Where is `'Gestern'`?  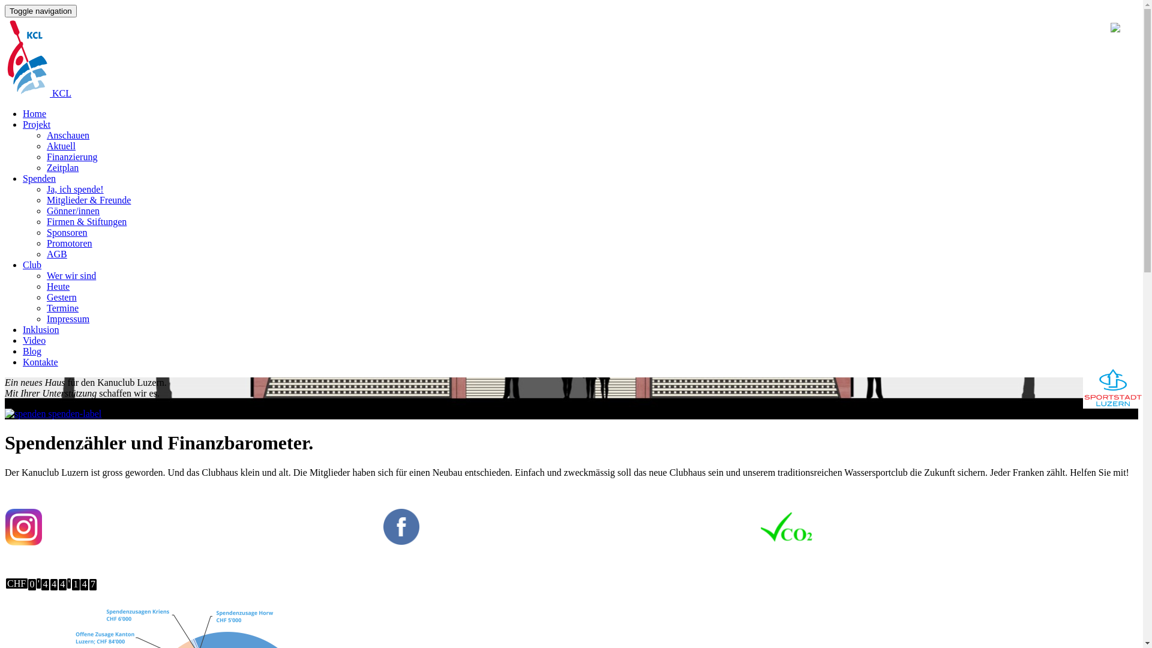
'Gestern' is located at coordinates (46, 297).